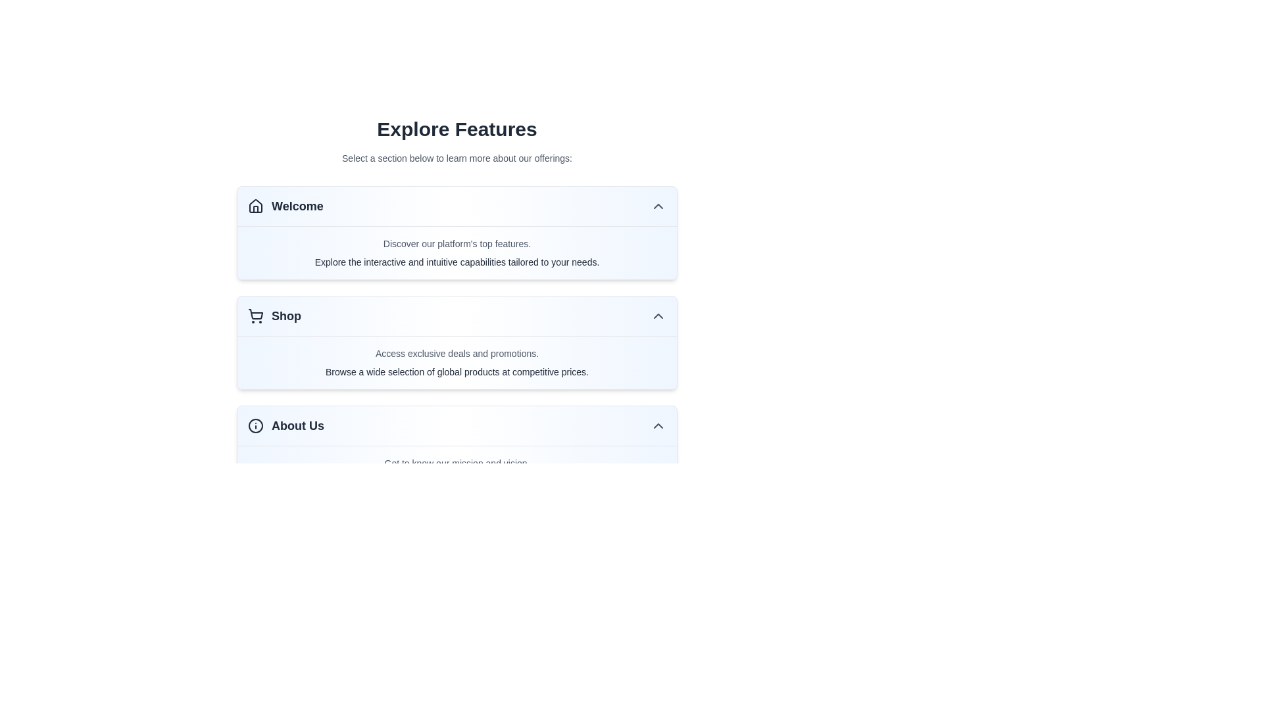 Image resolution: width=1263 pixels, height=710 pixels. I want to click on the house icon located next to the 'Welcome' text label in the first card of the interface, so click(255, 205).